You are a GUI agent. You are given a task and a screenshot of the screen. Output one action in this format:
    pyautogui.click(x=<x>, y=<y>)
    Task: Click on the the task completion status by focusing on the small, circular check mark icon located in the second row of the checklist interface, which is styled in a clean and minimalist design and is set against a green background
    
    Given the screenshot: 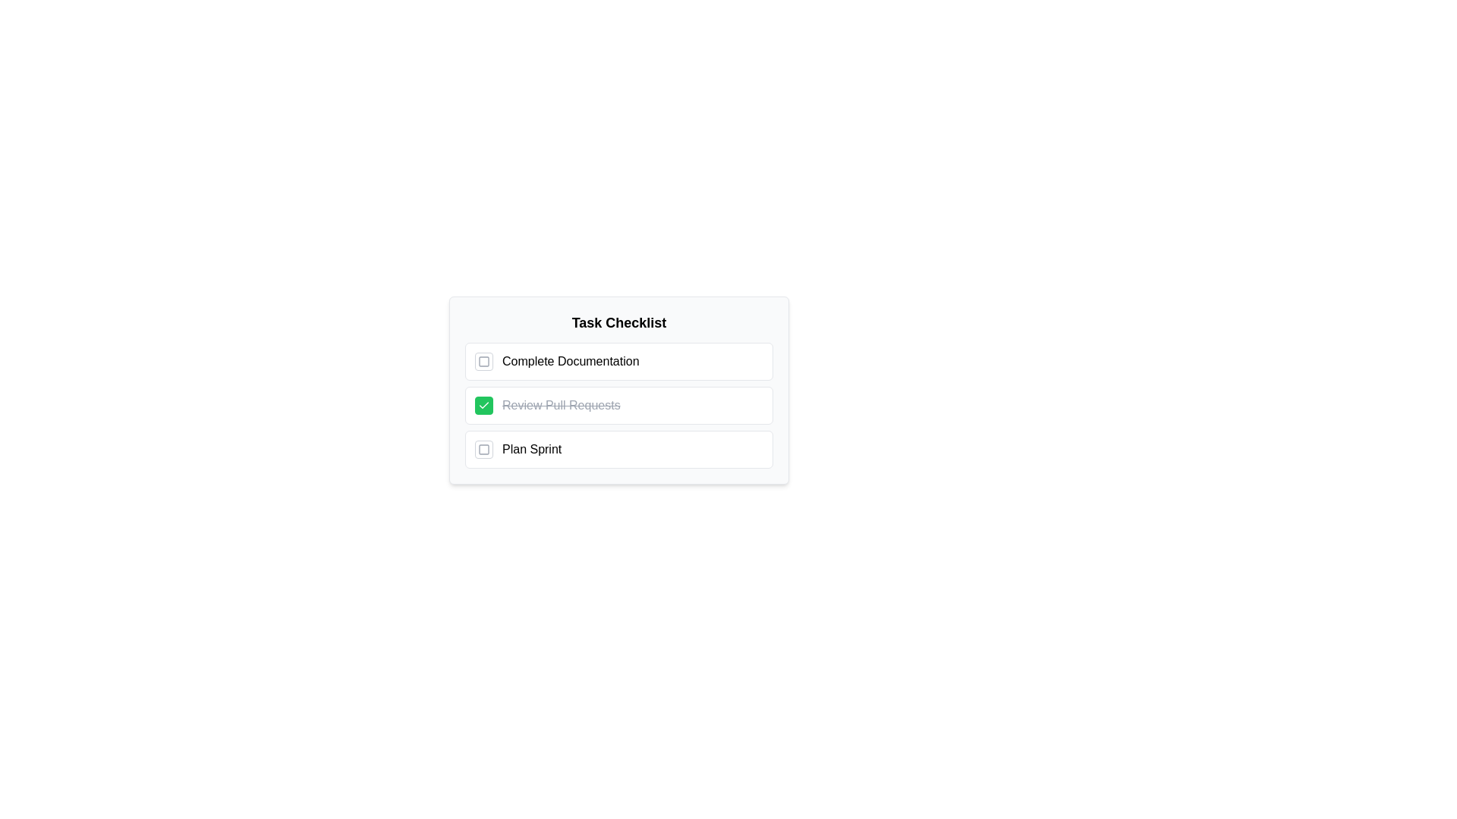 What is the action you would take?
    pyautogui.click(x=483, y=405)
    